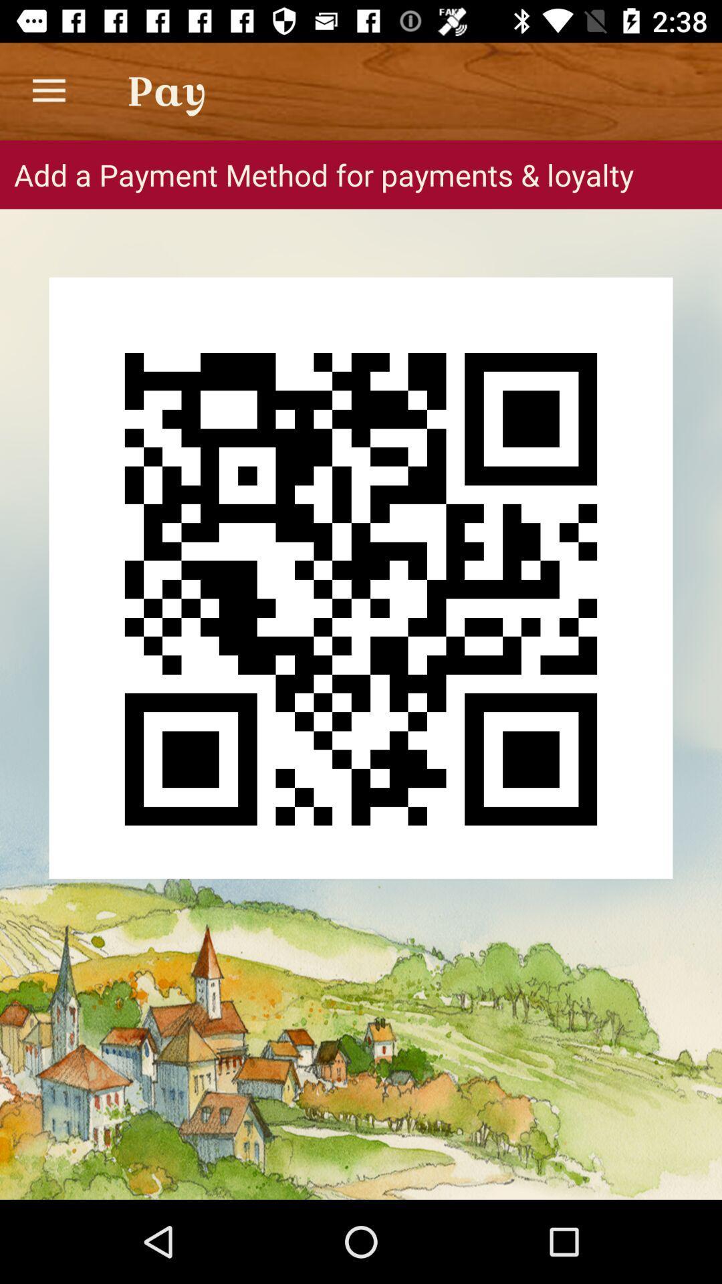 This screenshot has width=722, height=1284. What do you see at coordinates (48, 90) in the screenshot?
I see `the icon to the left of the pay item` at bounding box center [48, 90].